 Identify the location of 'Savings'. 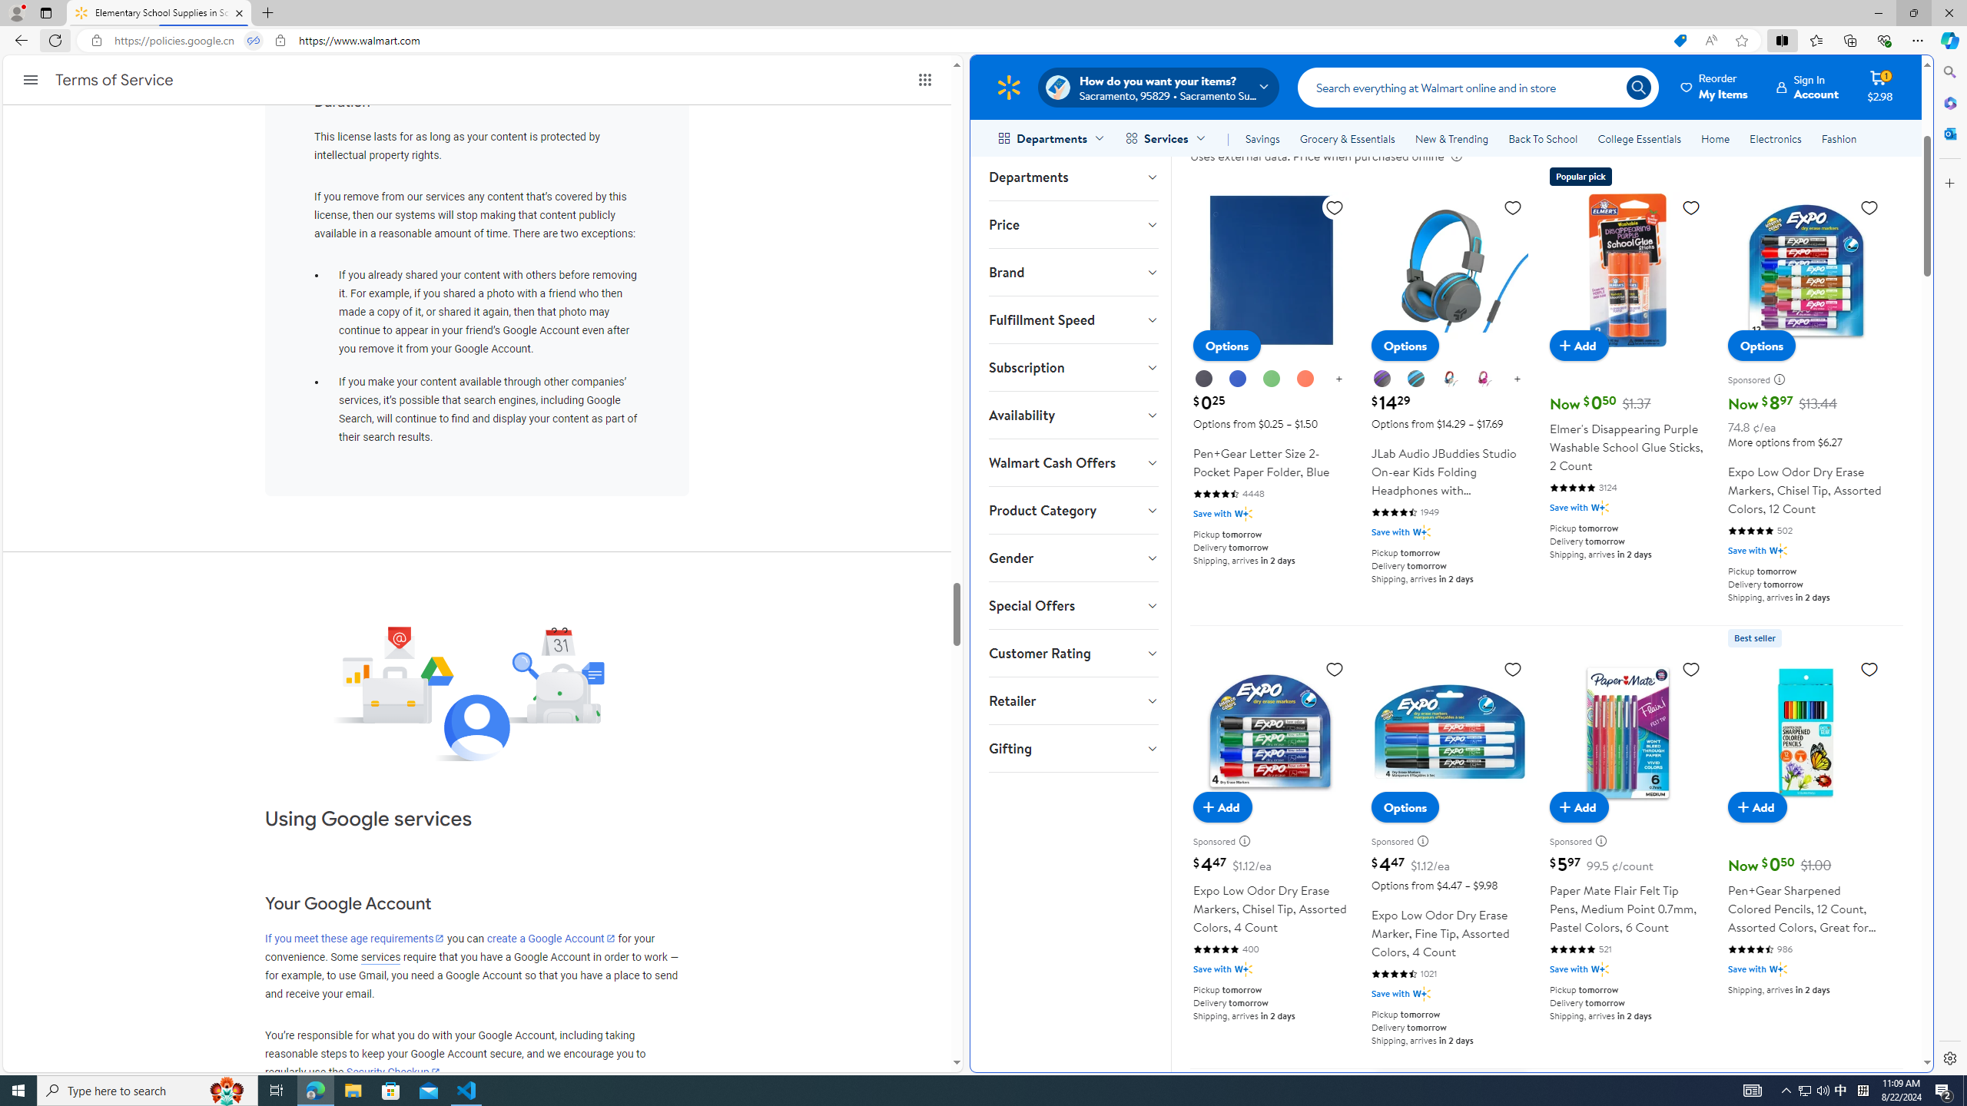
(1262, 138).